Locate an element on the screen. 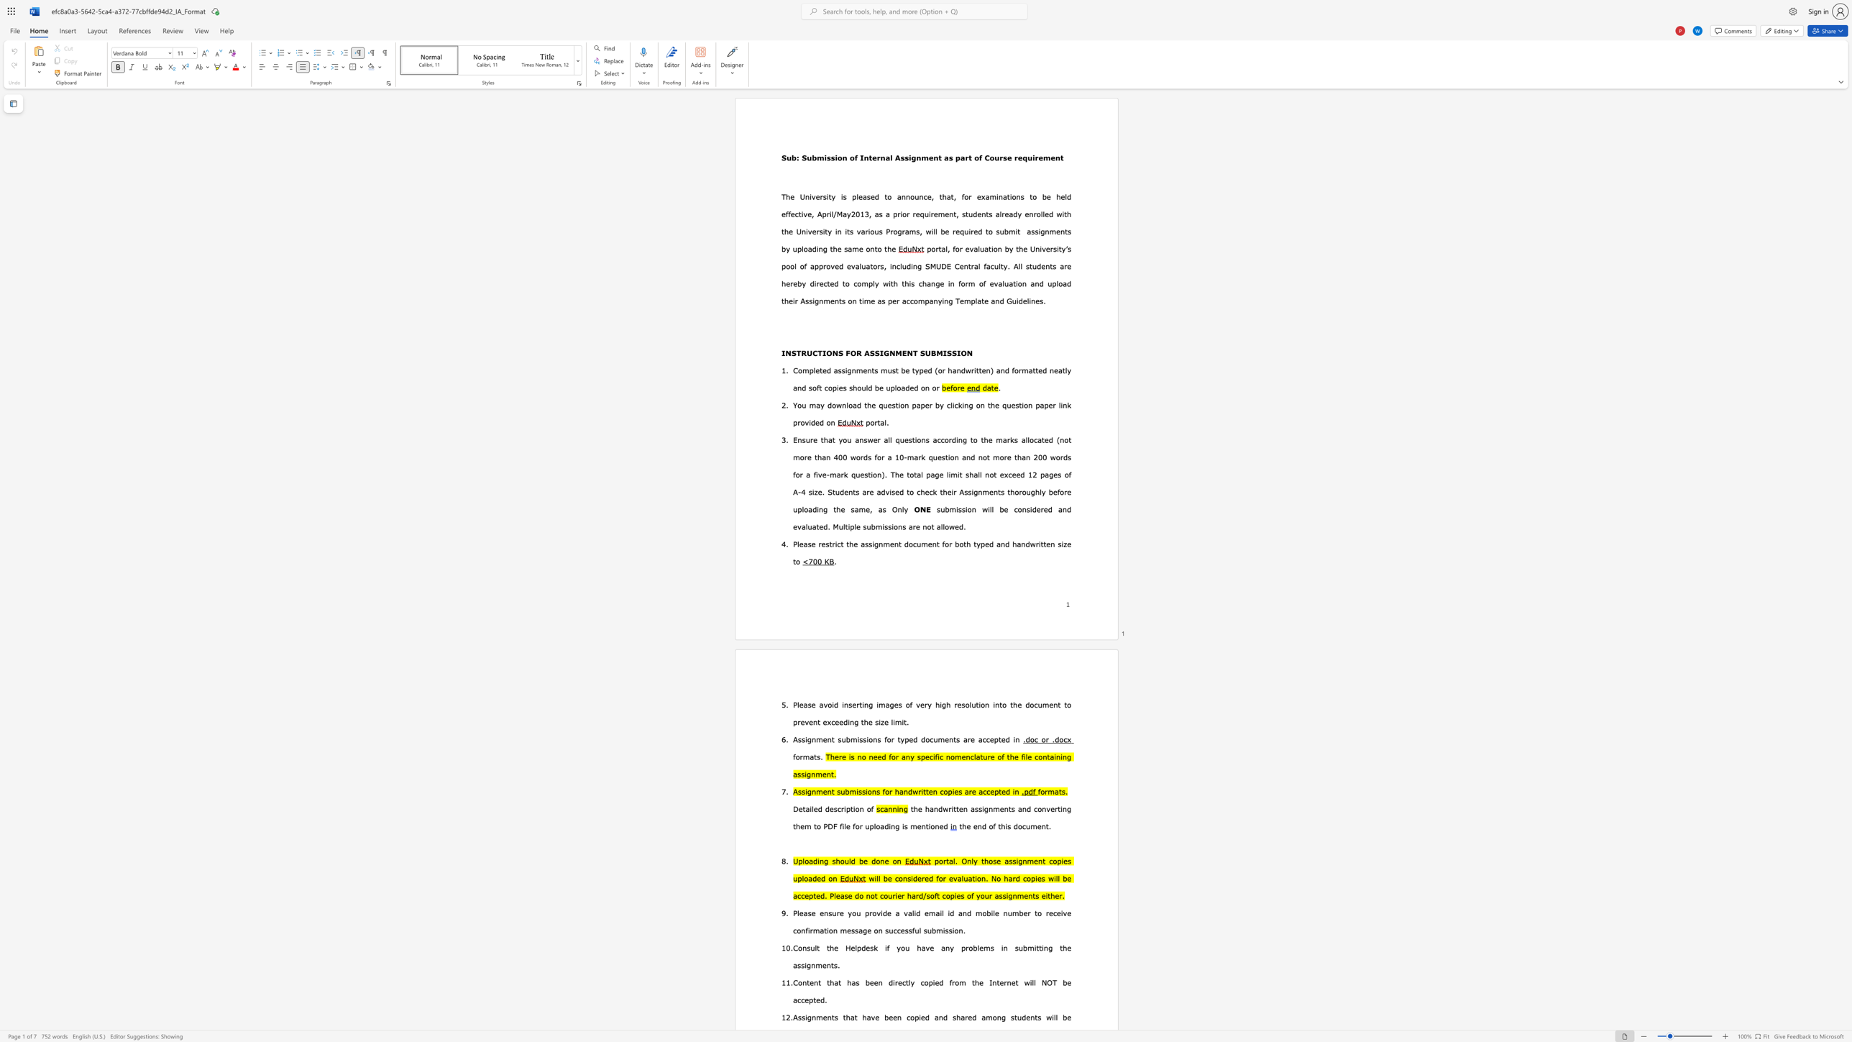  the subset text "s mentioned" within the text "the handwritten assignments and converting them to PDF file for uploading is mentioned" is located at coordinates (903, 826).